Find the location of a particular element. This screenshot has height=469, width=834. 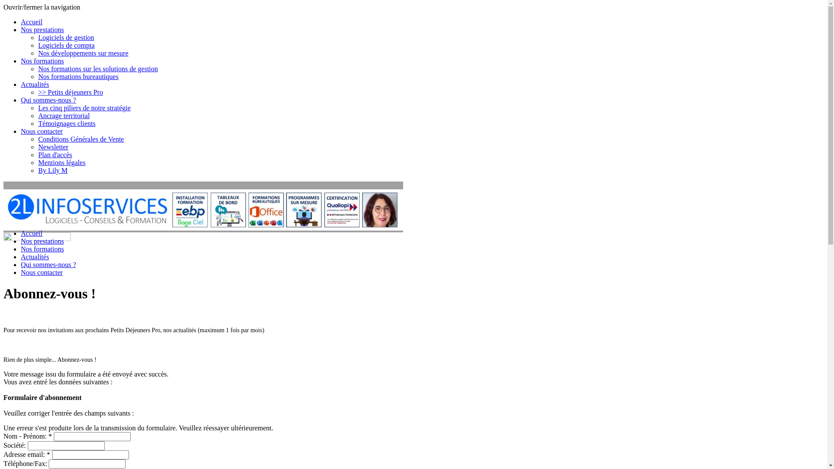

'Nos prestations' is located at coordinates (42, 29).